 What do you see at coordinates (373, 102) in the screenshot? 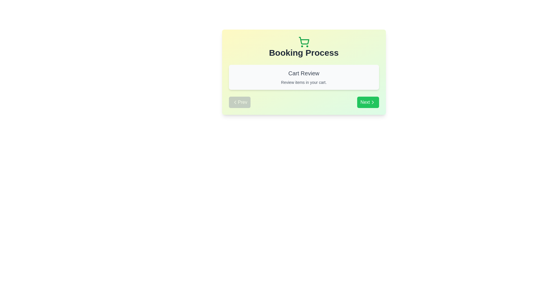
I see `the chevron icon located inside the green 'Next' button` at bounding box center [373, 102].